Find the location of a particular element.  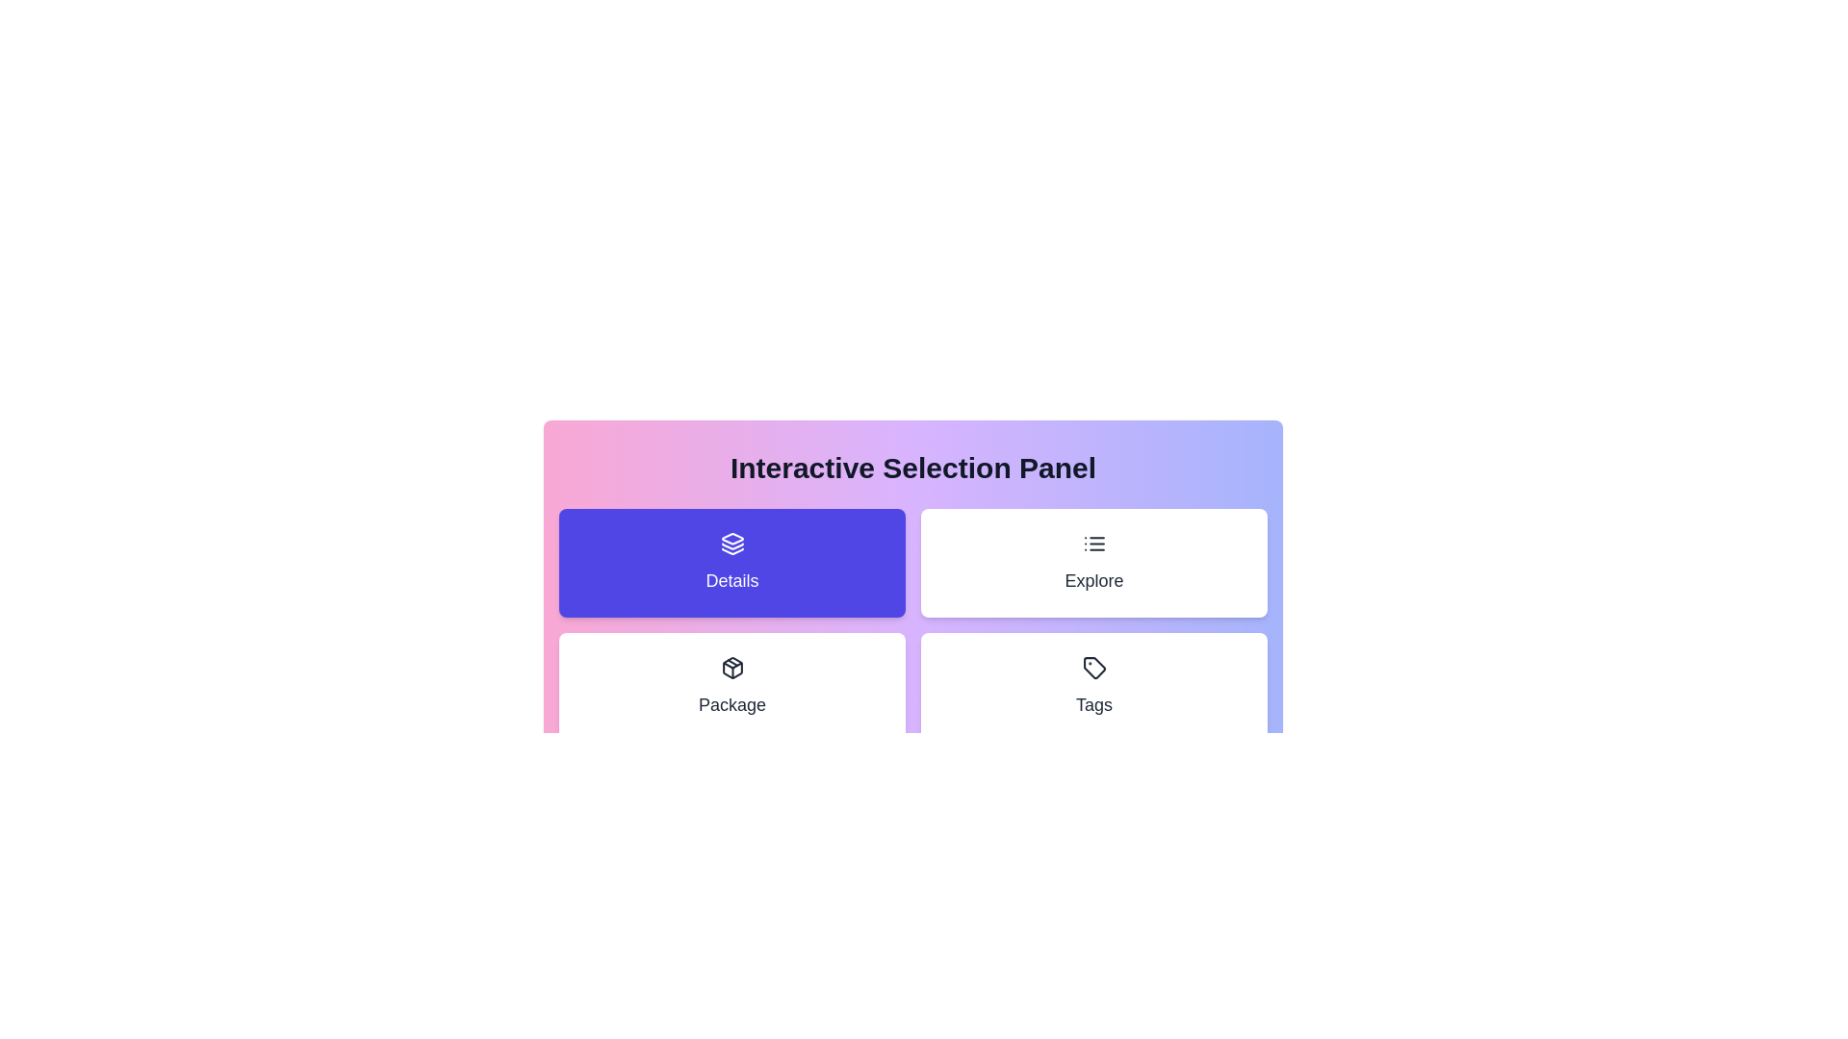

the graphical icon representing the 'Tag' symbol in the 'Tags' option located in the bottom-right of the interactive panel is located at coordinates (1094, 667).